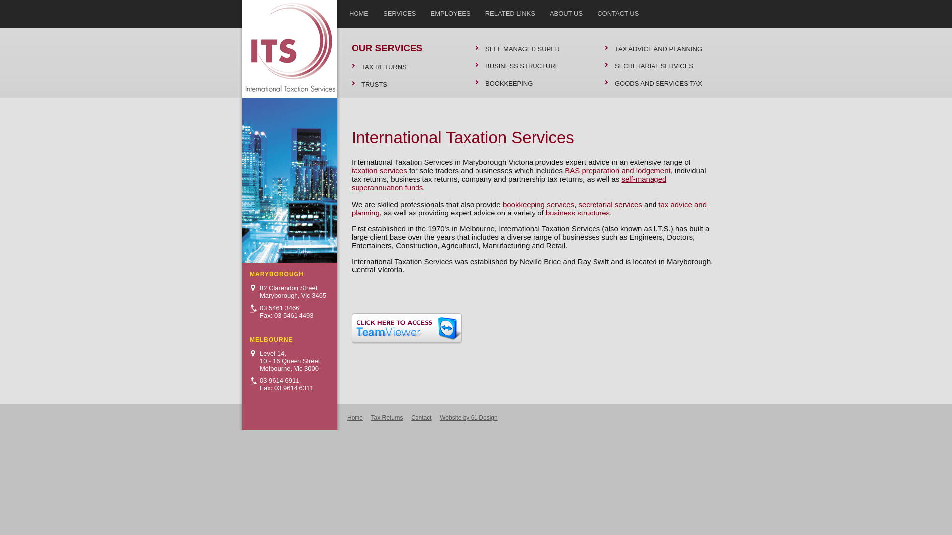 The image size is (952, 535). I want to click on 'RELATED LINKS', so click(510, 12).